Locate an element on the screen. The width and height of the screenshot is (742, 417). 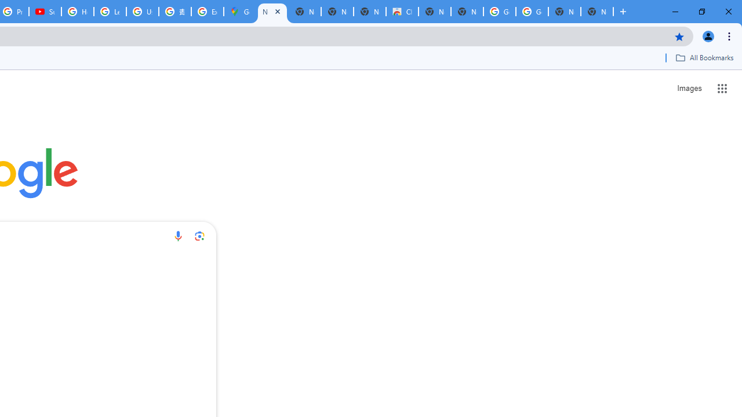
'New Tab' is located at coordinates (597, 12).